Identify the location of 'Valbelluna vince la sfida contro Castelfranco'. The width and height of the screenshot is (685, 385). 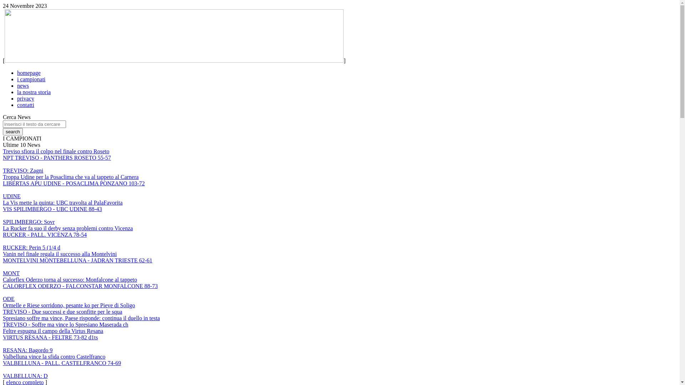
(54, 356).